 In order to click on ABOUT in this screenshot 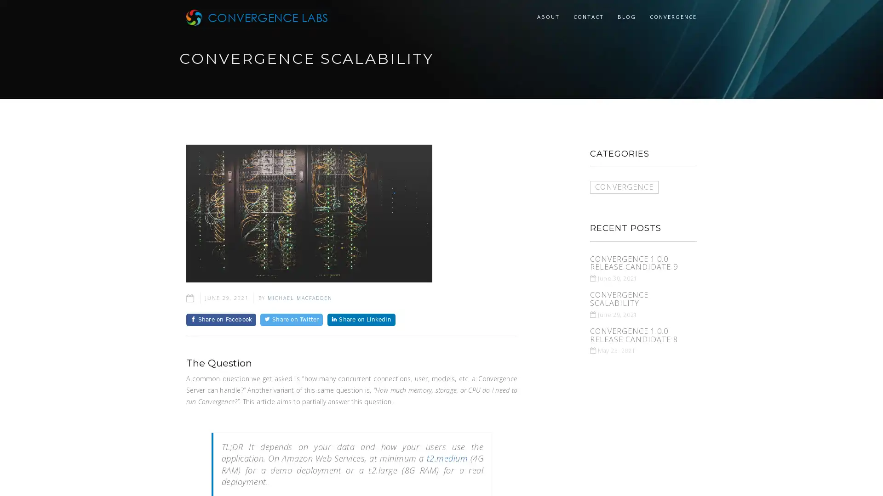, I will do `click(548, 17)`.